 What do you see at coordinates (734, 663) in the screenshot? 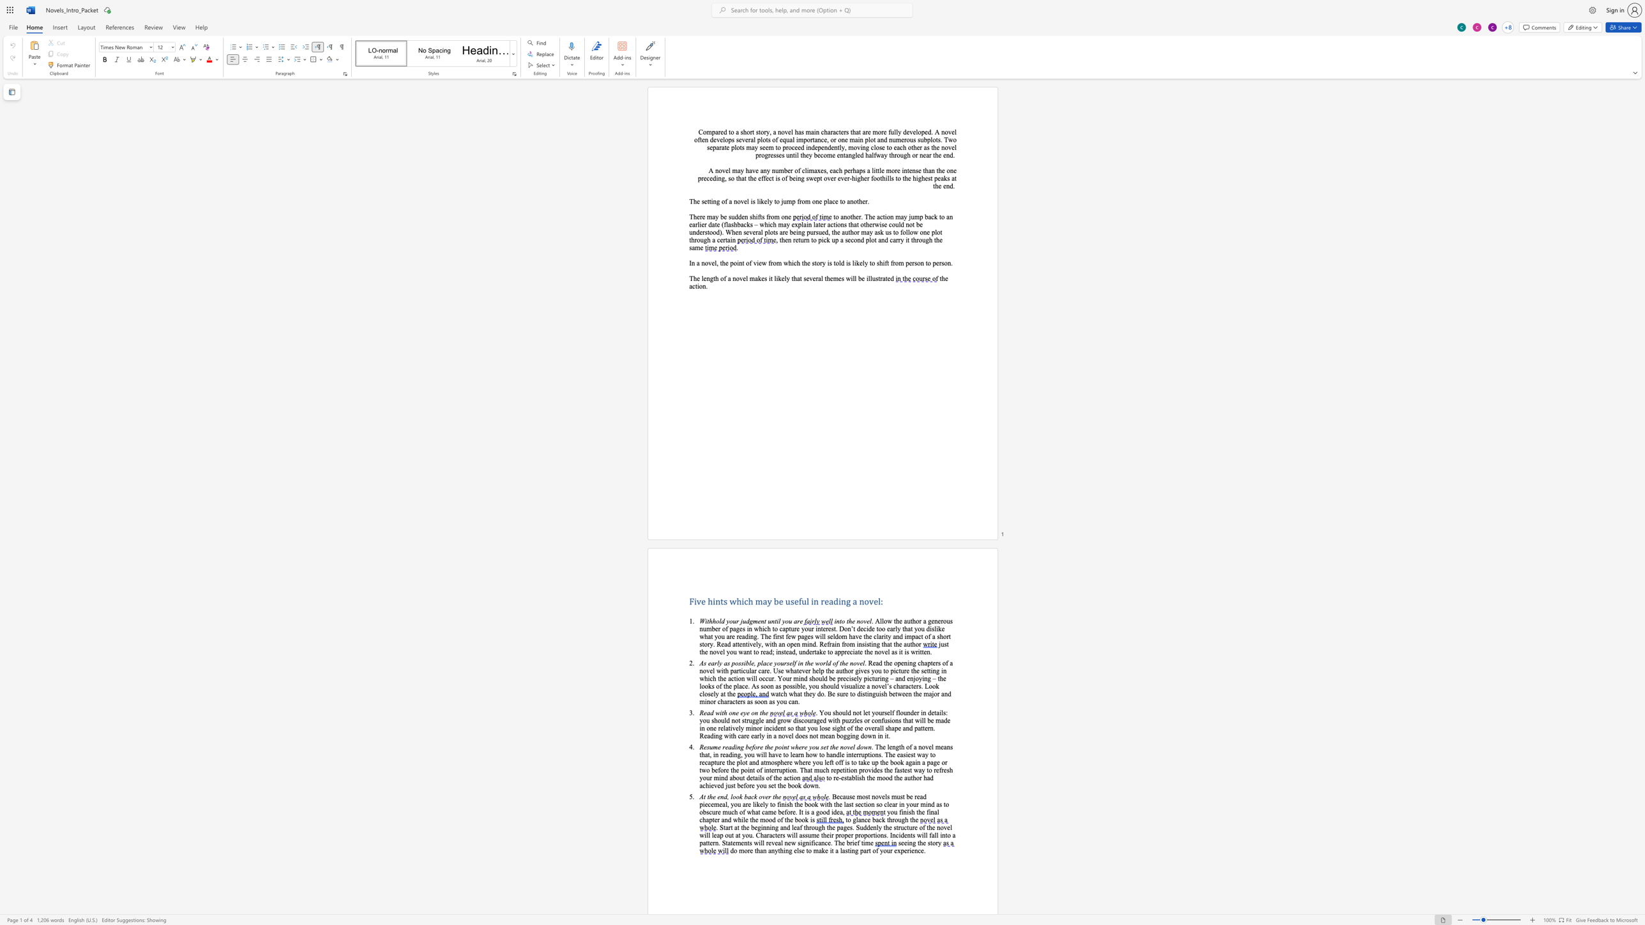
I see `the space between the continuous character "p" and "o" in the text` at bounding box center [734, 663].